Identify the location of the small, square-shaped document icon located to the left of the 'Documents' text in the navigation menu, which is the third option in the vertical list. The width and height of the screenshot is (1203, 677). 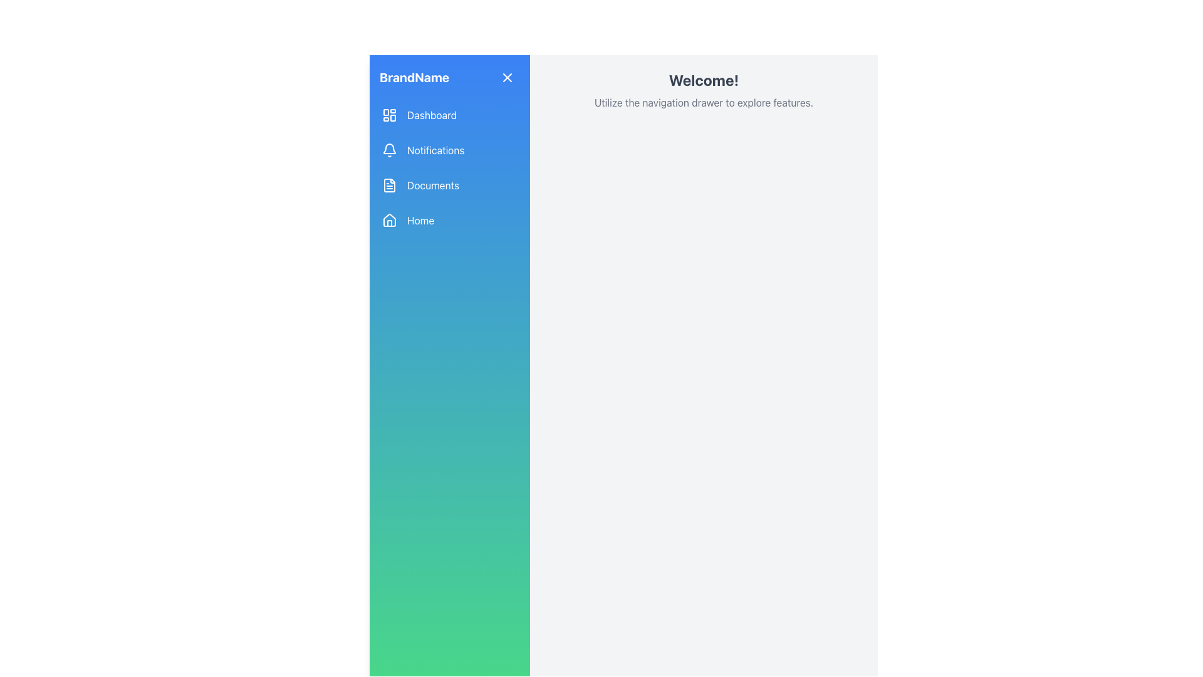
(389, 186).